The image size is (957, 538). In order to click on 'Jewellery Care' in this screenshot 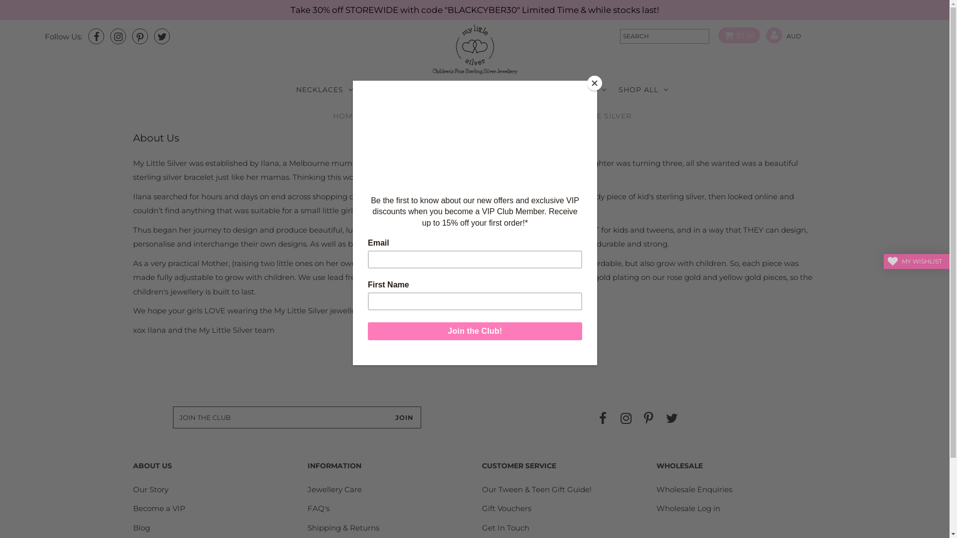, I will do `click(307, 489)`.